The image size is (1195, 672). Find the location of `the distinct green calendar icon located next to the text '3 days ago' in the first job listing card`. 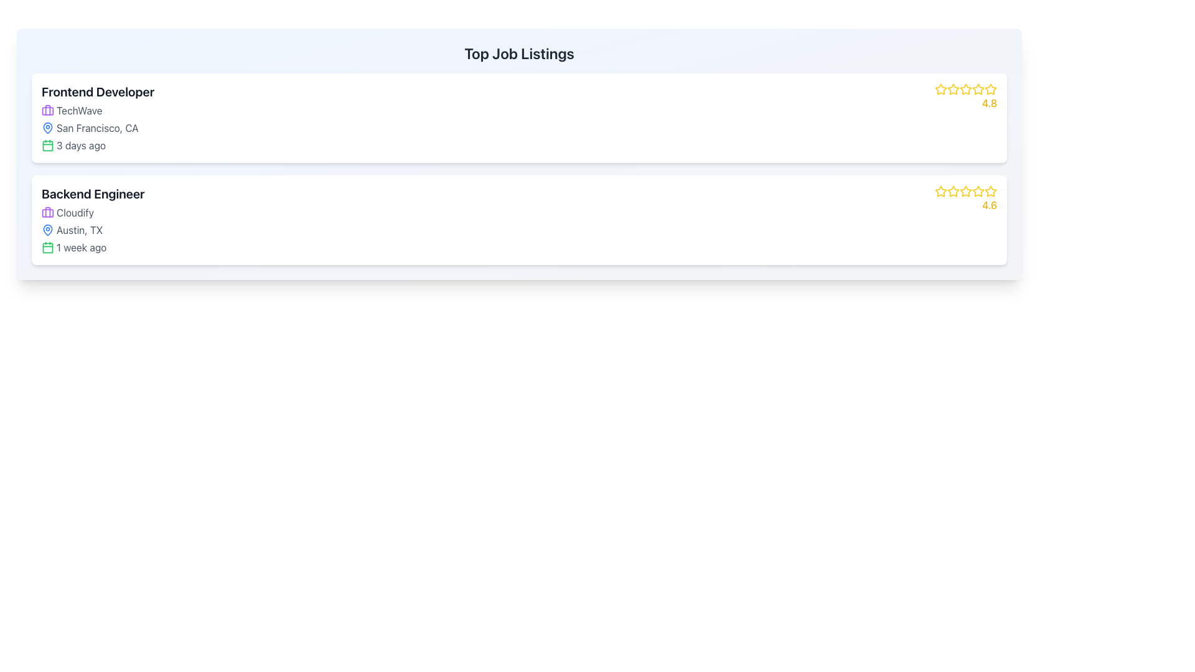

the distinct green calendar icon located next to the text '3 days ago' in the first job listing card is located at coordinates (47, 145).